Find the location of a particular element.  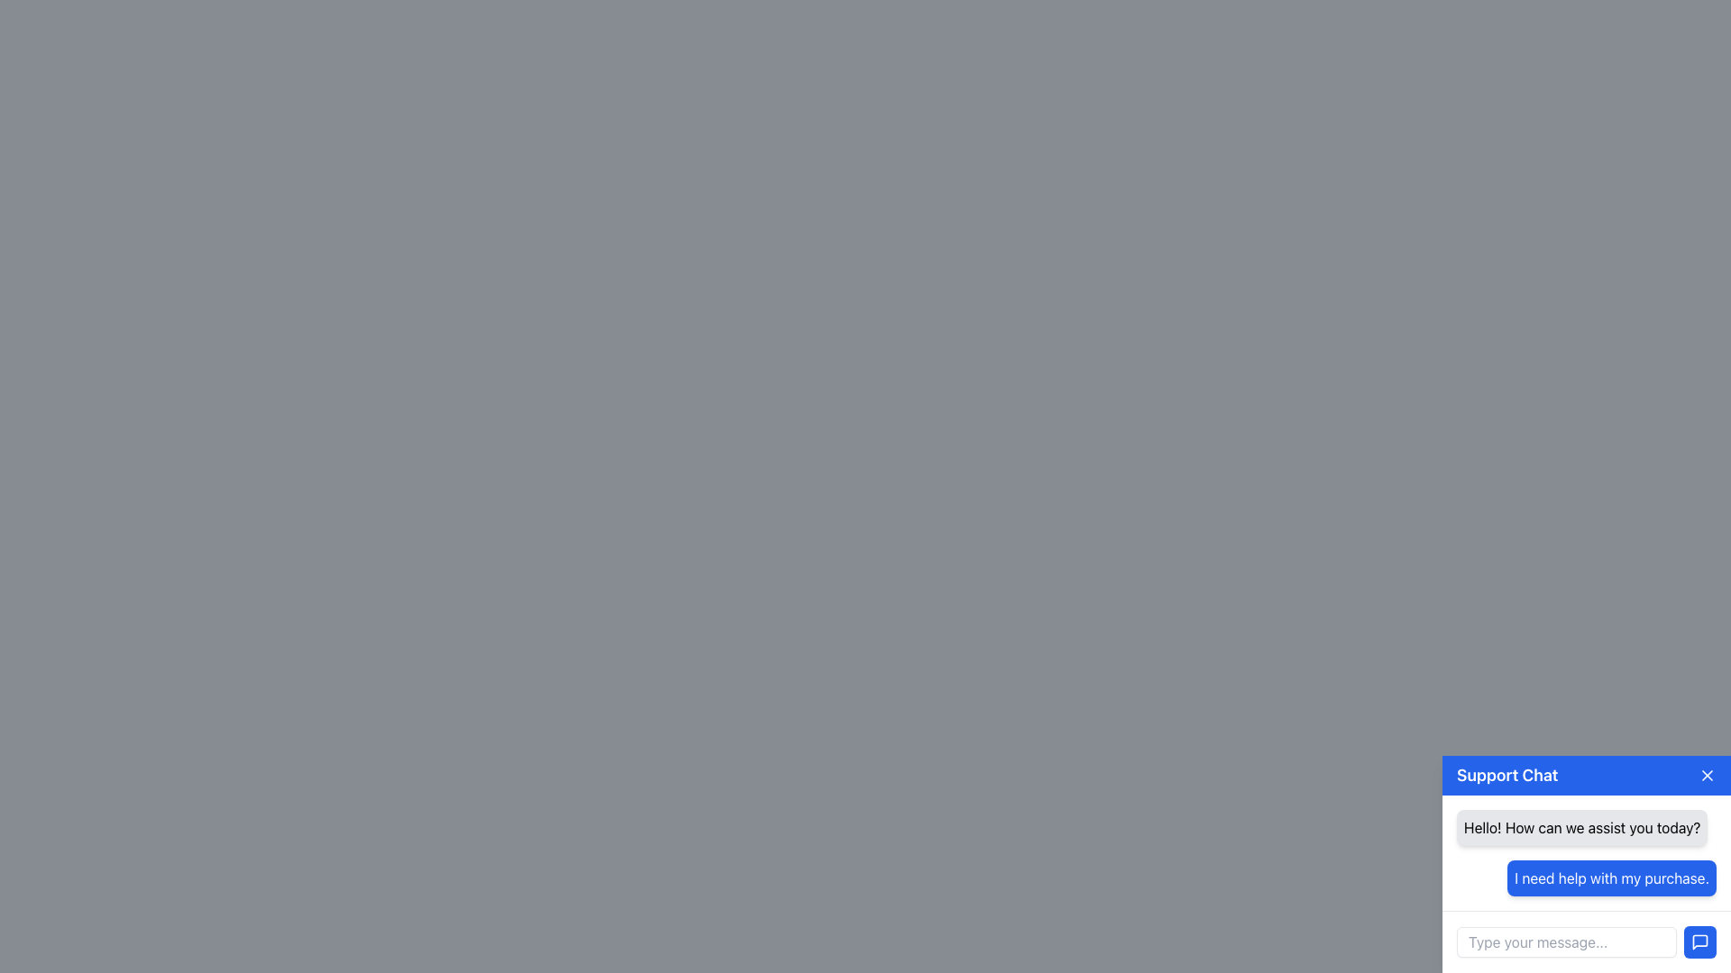

the small, square blue button with a speech bubble icon located at the bottom-right corner of the chat interface to send a message is located at coordinates (1699, 941).